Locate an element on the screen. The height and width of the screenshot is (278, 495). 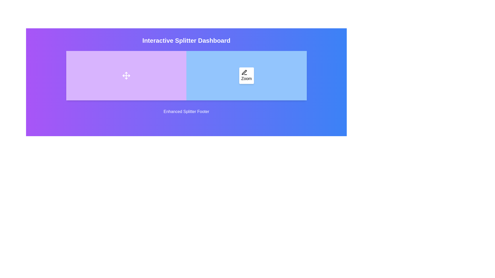
the directional arrow icon with a white outline located in a light purple area is located at coordinates (126, 75).